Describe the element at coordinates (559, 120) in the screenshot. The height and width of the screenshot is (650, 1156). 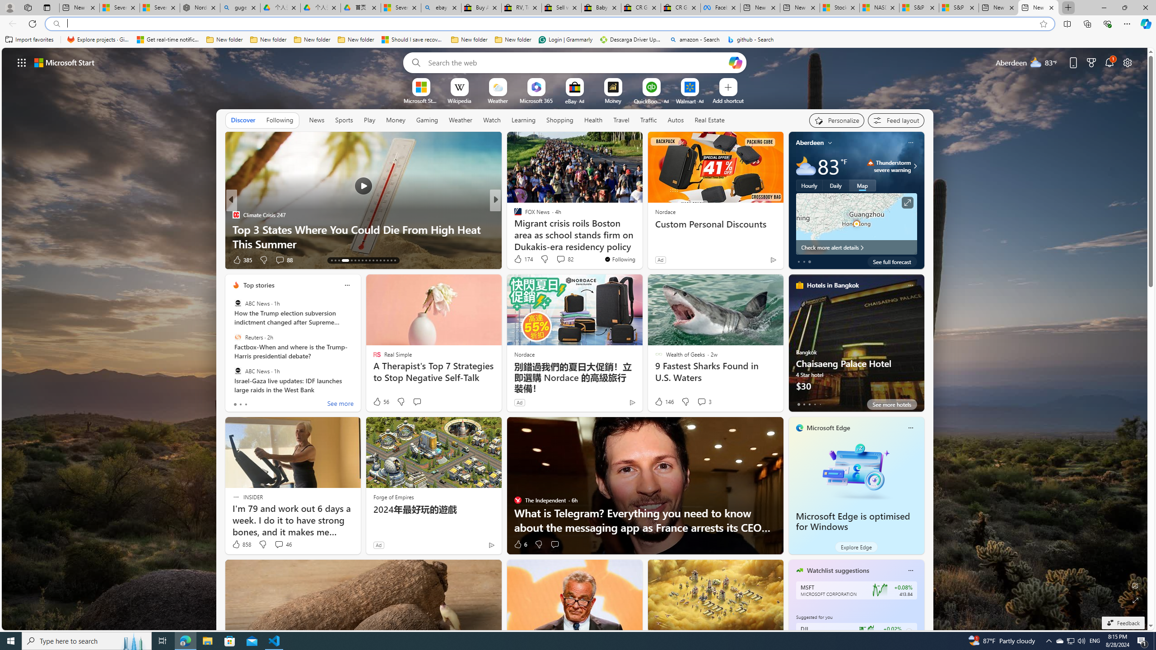
I see `'Shopping'` at that location.